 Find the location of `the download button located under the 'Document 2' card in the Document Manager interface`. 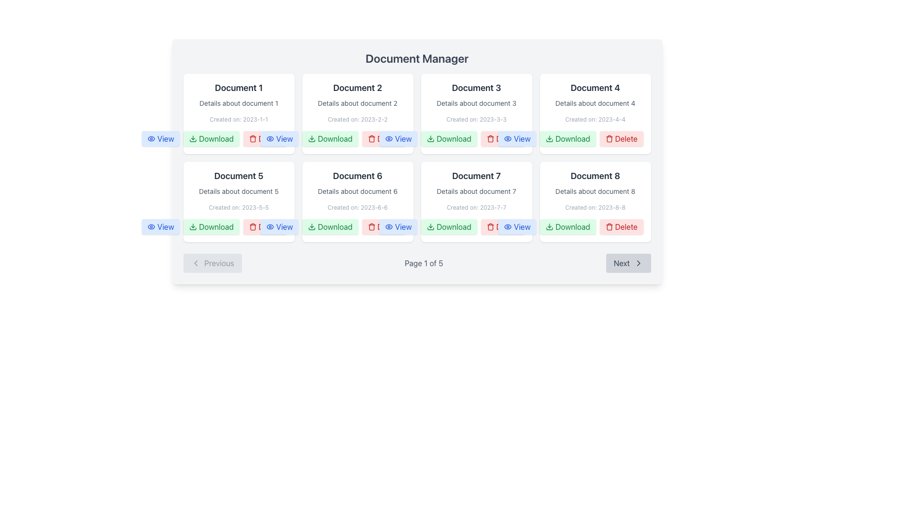

the download button located under the 'Document 2' card in the Document Manager interface is located at coordinates (330, 138).